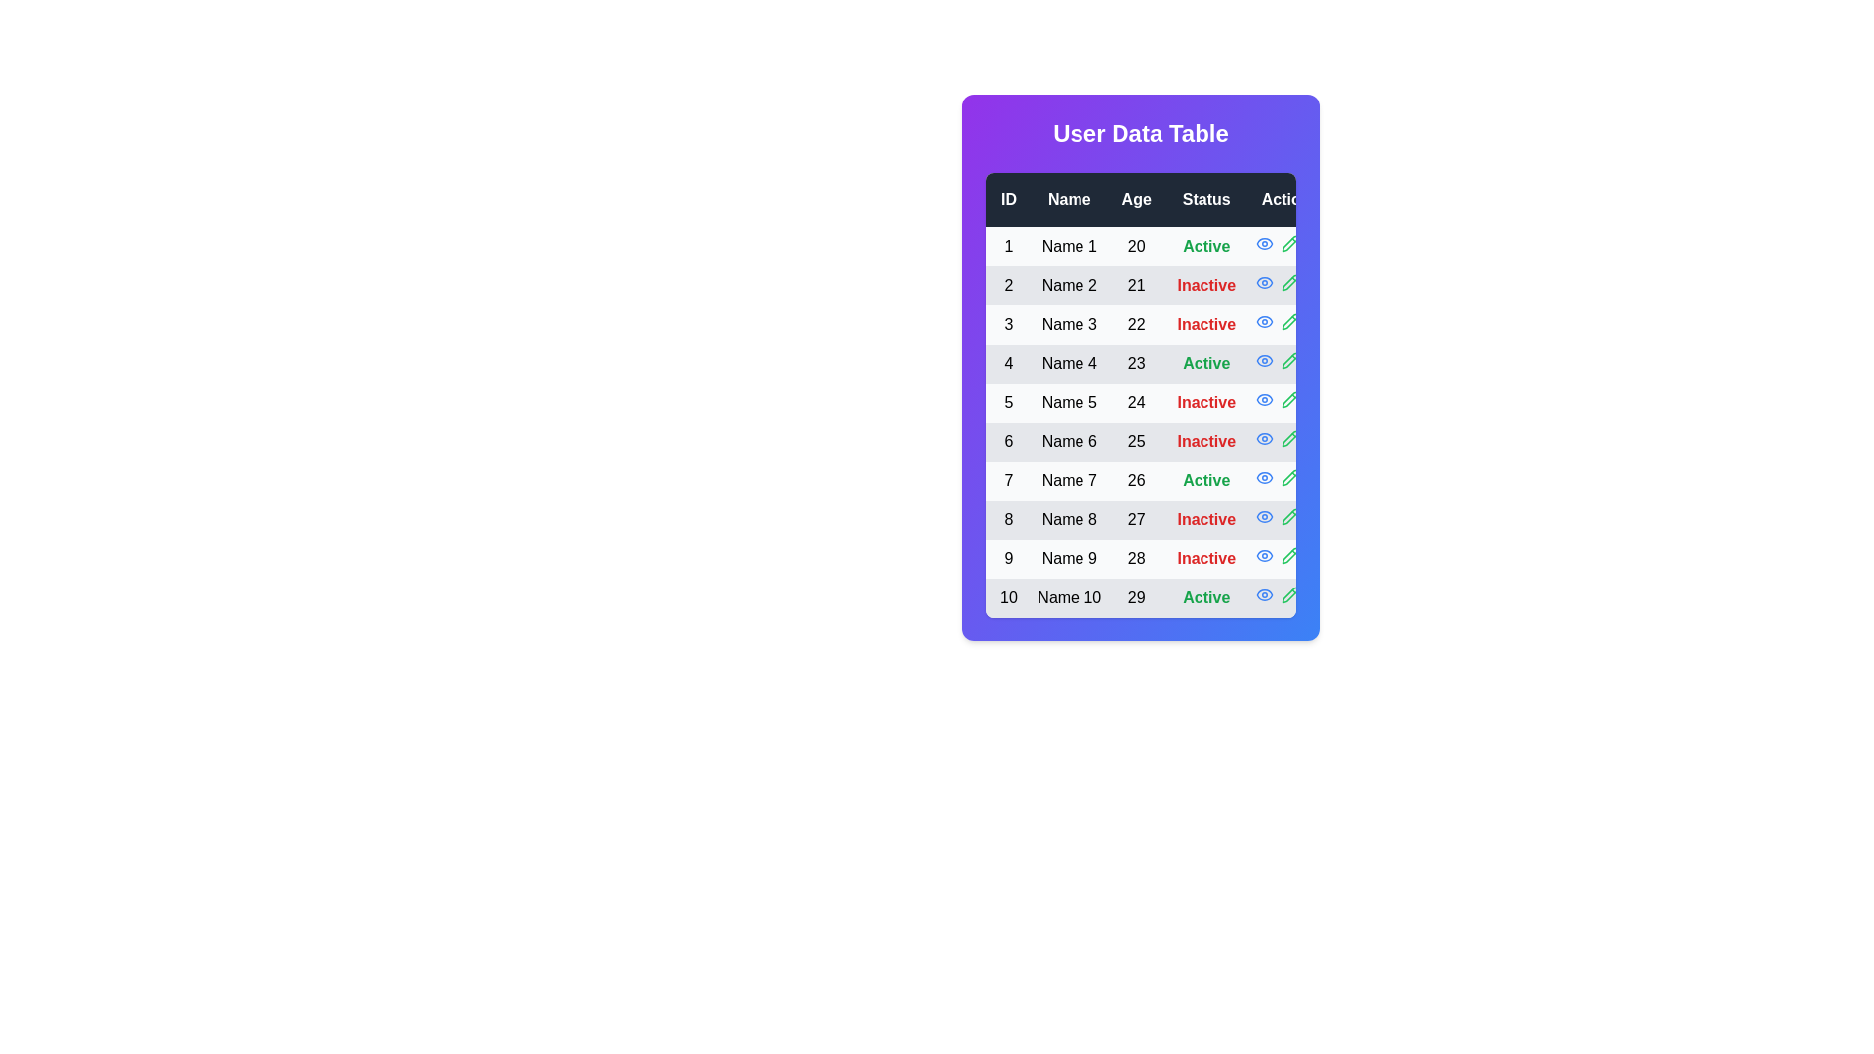  I want to click on the pencil icon in the Actions column for a specific row to observe its hover effect, so click(1289, 243).